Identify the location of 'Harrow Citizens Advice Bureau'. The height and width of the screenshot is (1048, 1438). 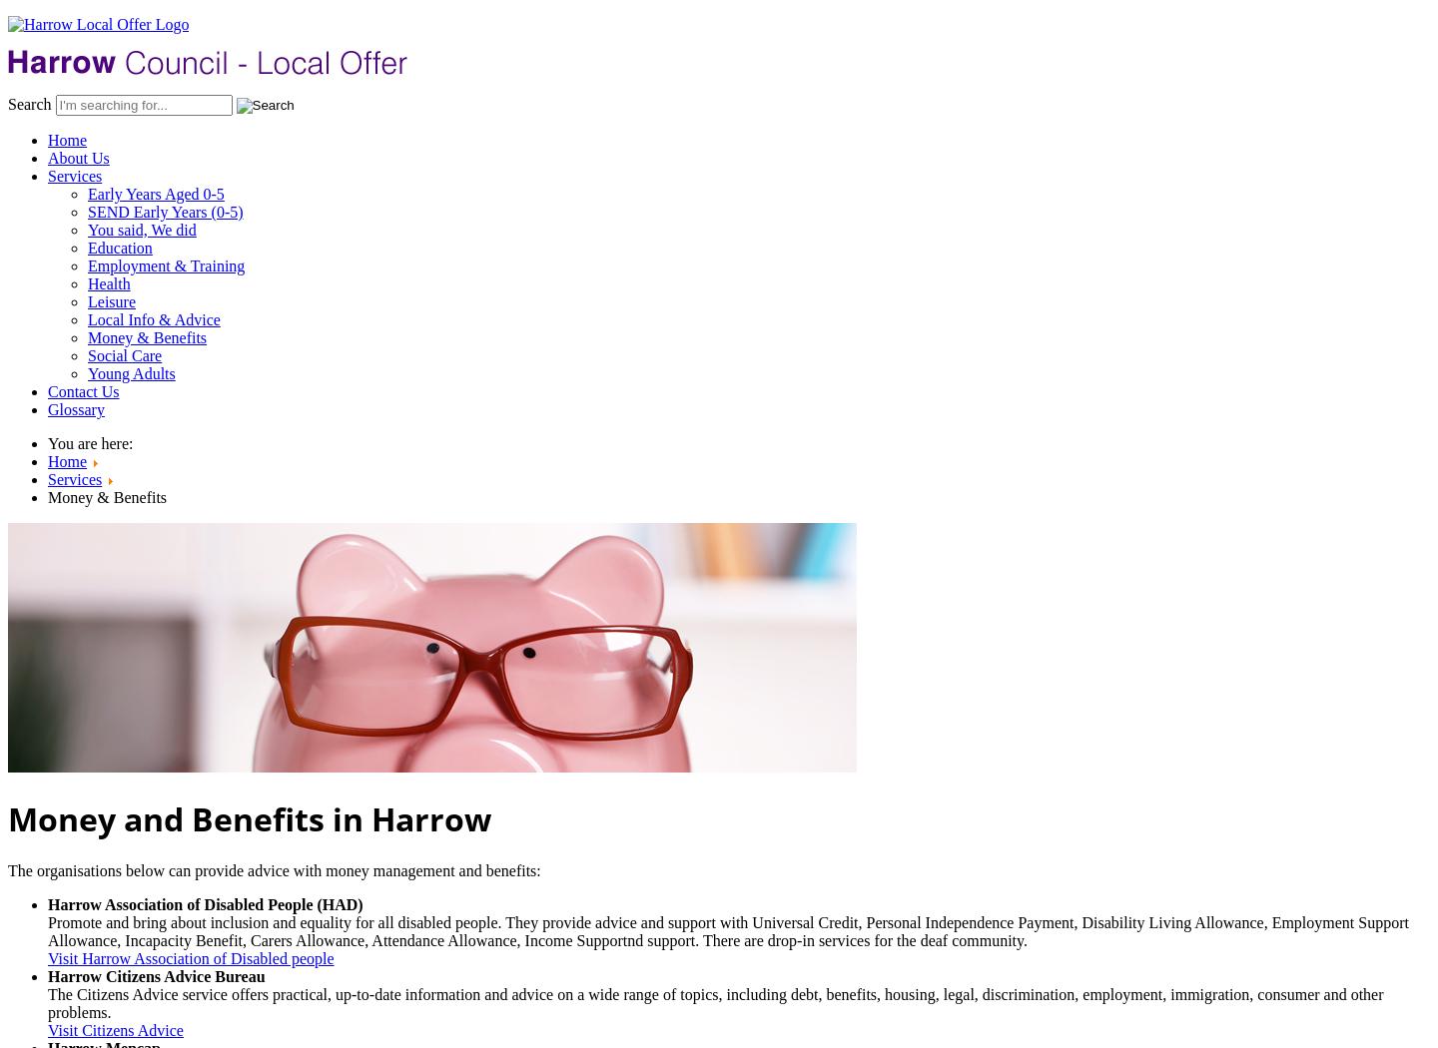
(155, 975).